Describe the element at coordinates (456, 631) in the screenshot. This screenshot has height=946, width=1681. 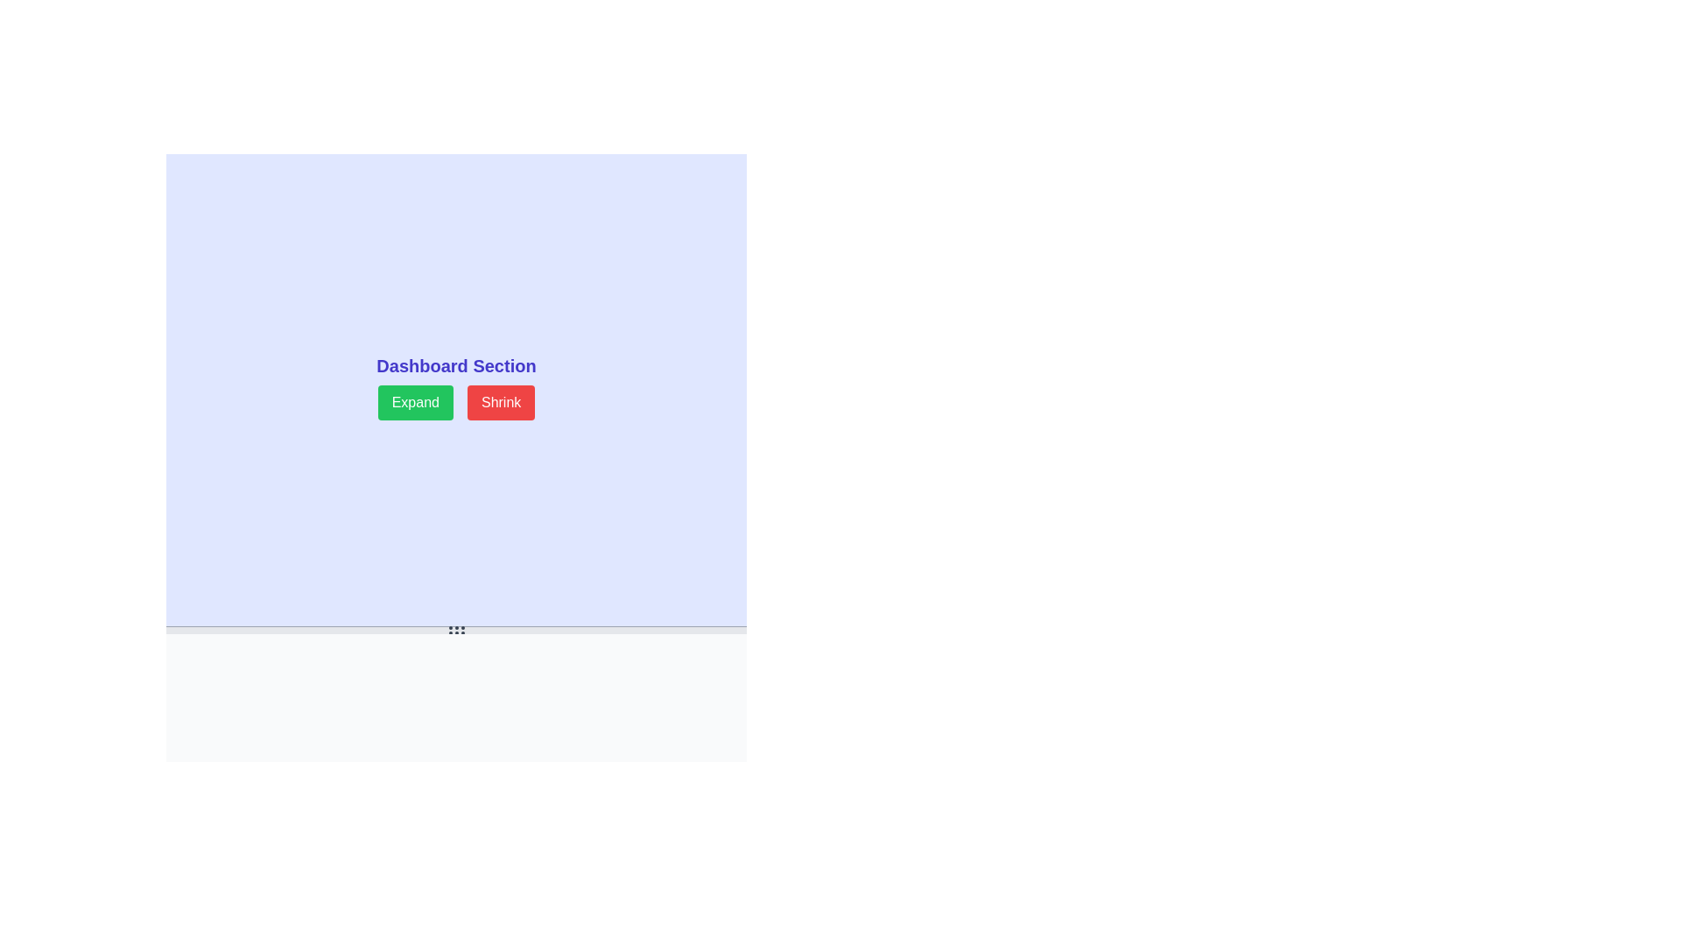
I see `the draggable divider, which is a thin horizontal bar with a light gray background and a grip icon of three vertical dots, located beneath the 'Expand' and 'Shrink' buttons in the 'Dashboard Section'` at that location.